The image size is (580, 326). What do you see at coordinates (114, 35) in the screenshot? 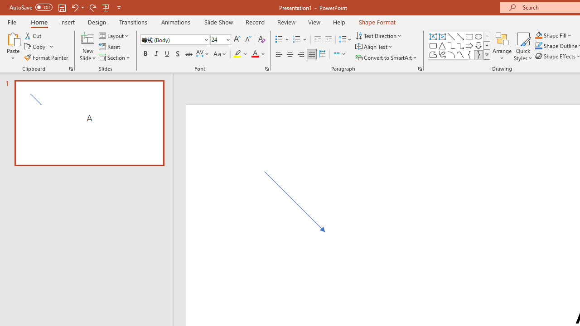
I see `'Layout'` at bounding box center [114, 35].